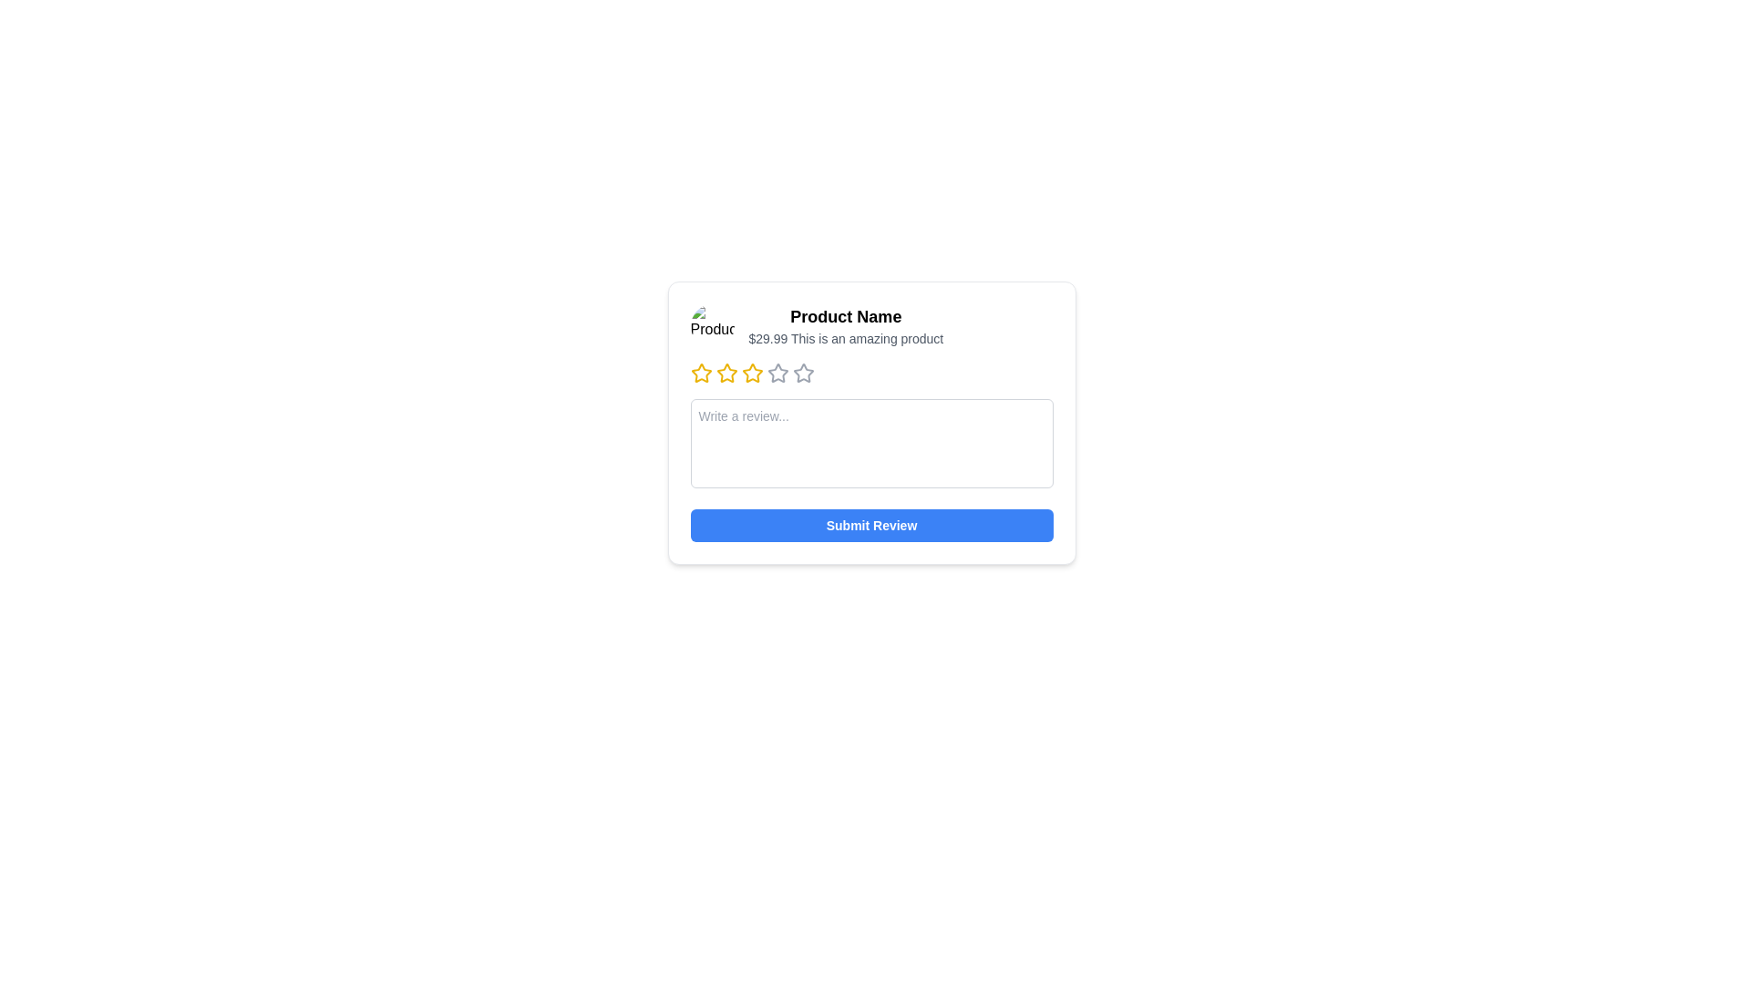 The width and height of the screenshot is (1750, 984). What do you see at coordinates (845, 315) in the screenshot?
I see `text label that displays 'Product Name', which is styled in bold and large font and is located at the upper-middle portion of the product card` at bounding box center [845, 315].